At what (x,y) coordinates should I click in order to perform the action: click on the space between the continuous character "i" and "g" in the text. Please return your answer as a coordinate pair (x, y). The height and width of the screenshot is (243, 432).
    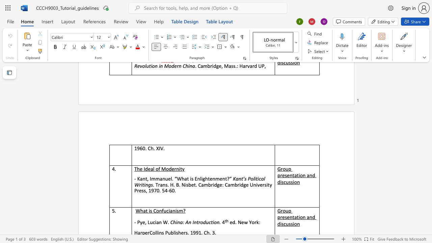
    Looking at the image, I should click on (202, 178).